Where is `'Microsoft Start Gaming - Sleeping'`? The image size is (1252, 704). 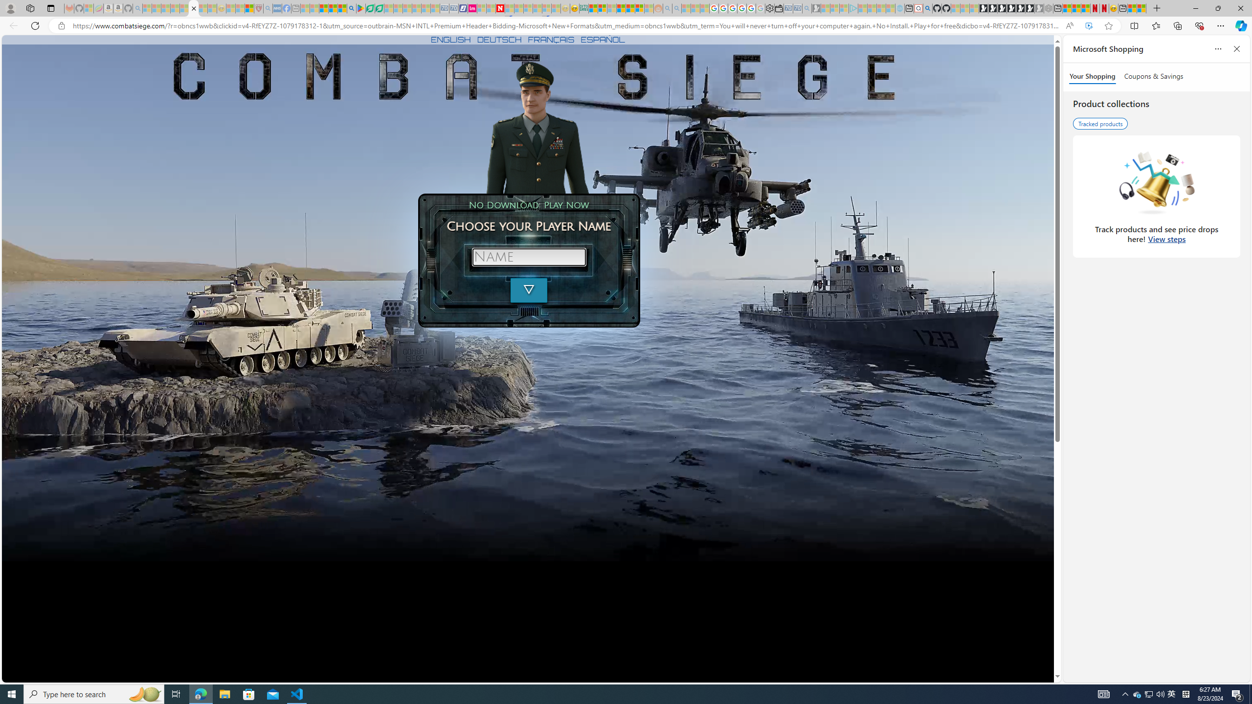
'Microsoft Start Gaming - Sleeping' is located at coordinates (816, 8).